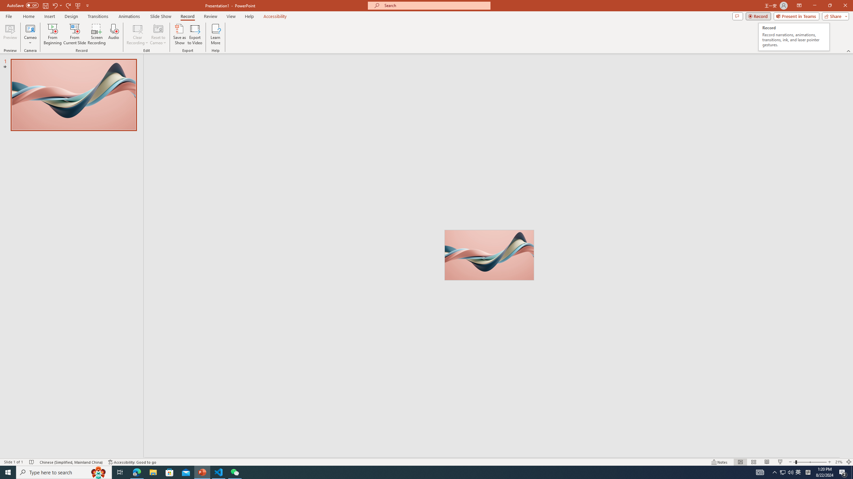 This screenshot has height=479, width=853. What do you see at coordinates (30, 34) in the screenshot?
I see `'Cameo'` at bounding box center [30, 34].